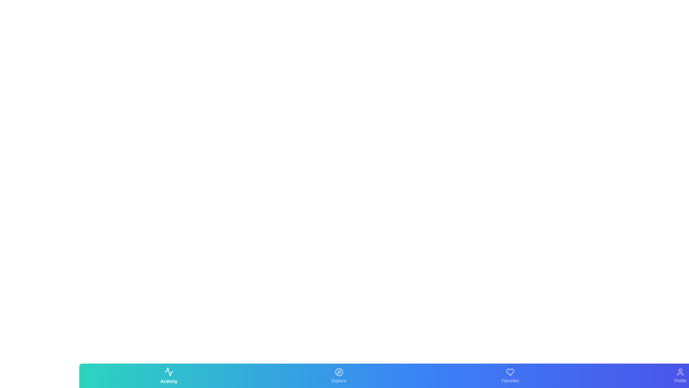  Describe the element at coordinates (680, 375) in the screenshot. I see `the Profile tab by clicking on its corresponding button` at that location.